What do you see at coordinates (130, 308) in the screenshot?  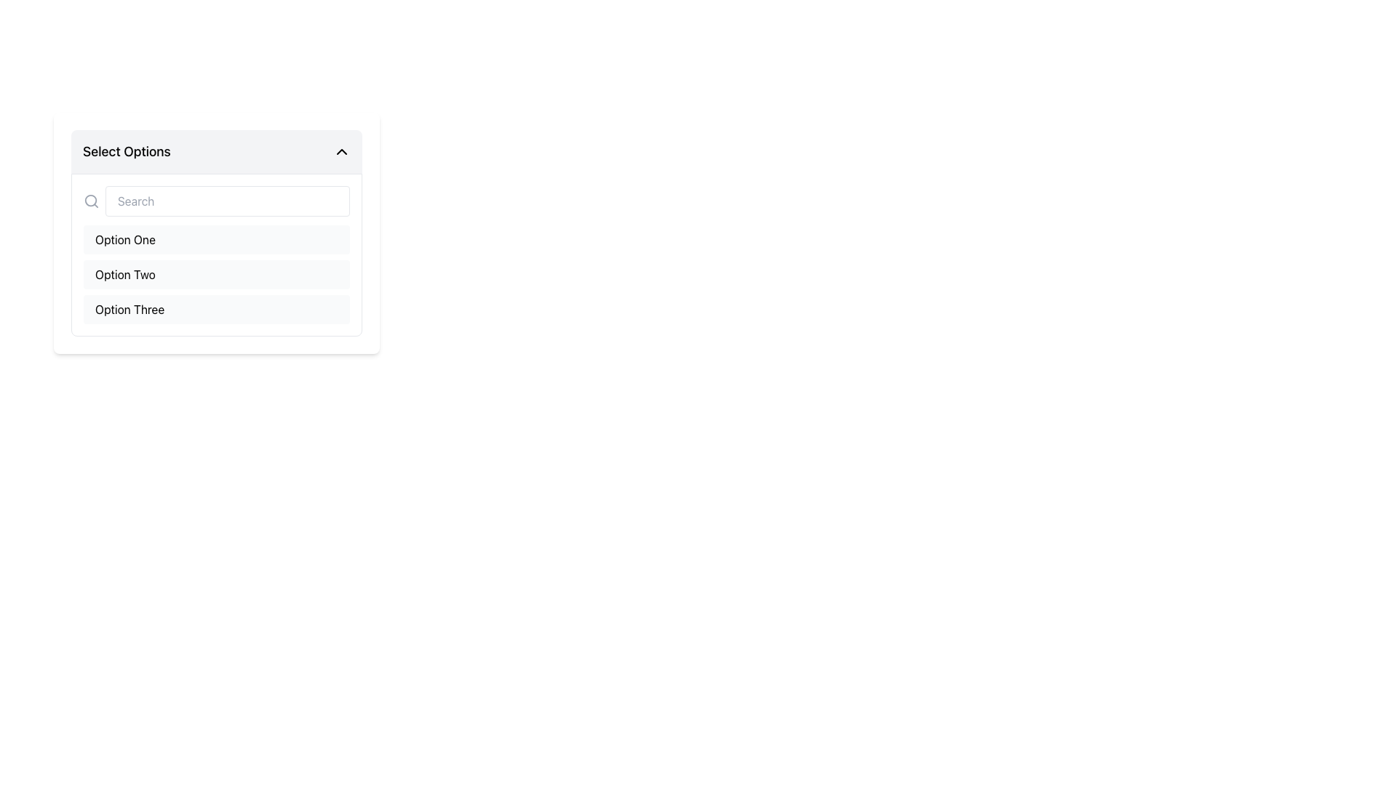 I see `the text label 'Option Three' located in the third item of the dropdown menu under 'Select Options'` at bounding box center [130, 308].